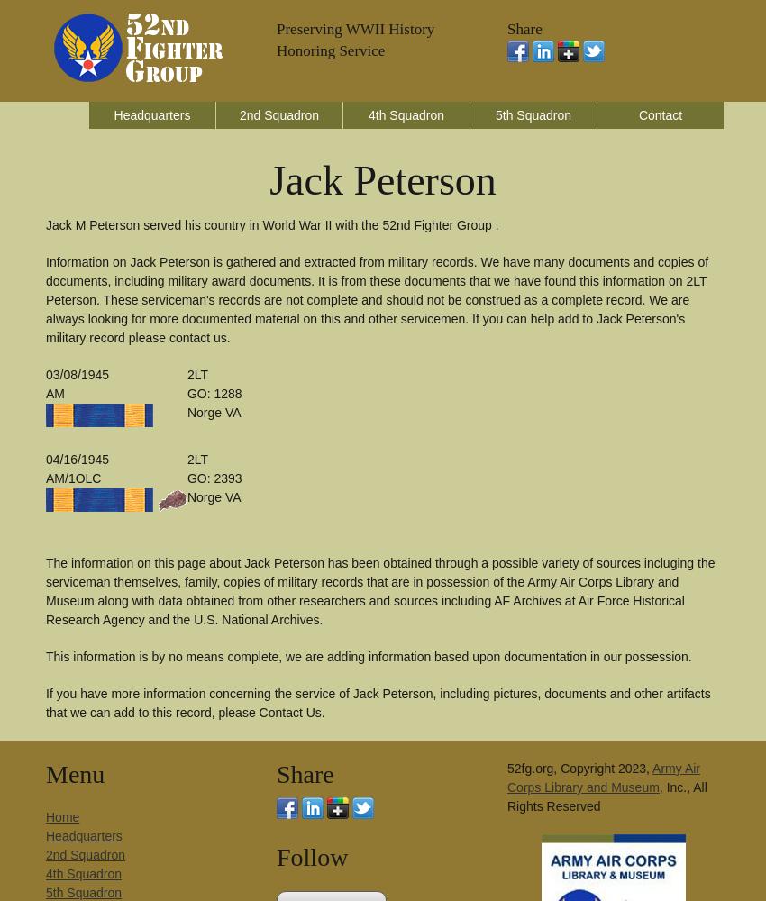  I want to click on 'Follow', so click(311, 856).